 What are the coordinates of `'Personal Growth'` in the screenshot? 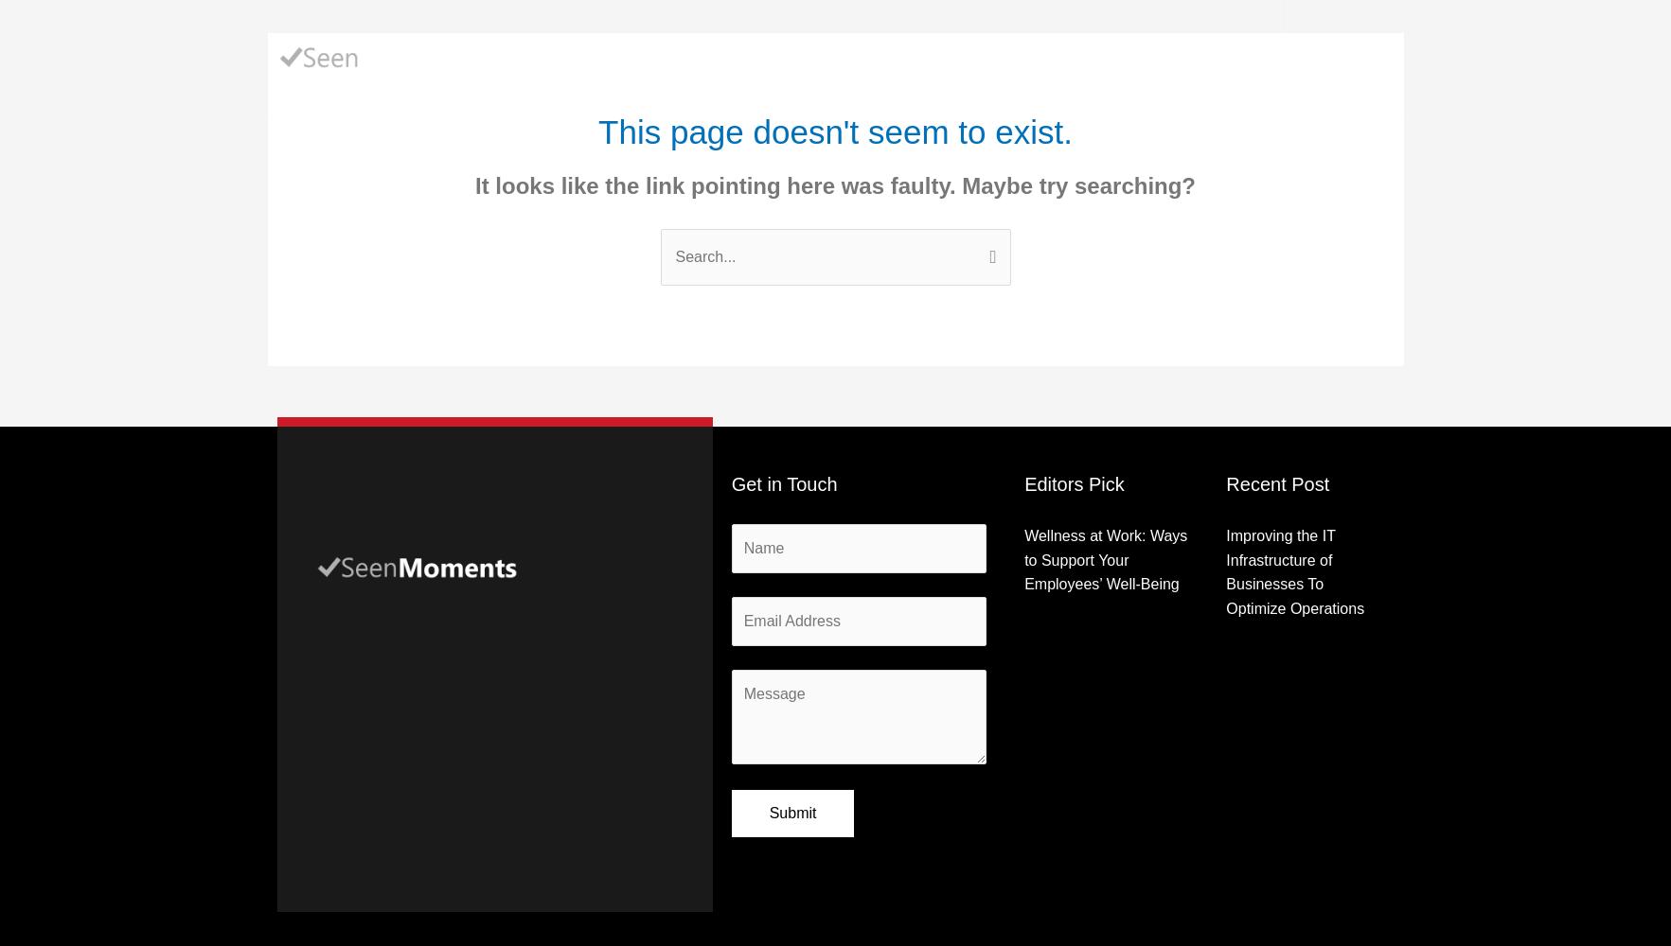 It's located at (1050, 57).